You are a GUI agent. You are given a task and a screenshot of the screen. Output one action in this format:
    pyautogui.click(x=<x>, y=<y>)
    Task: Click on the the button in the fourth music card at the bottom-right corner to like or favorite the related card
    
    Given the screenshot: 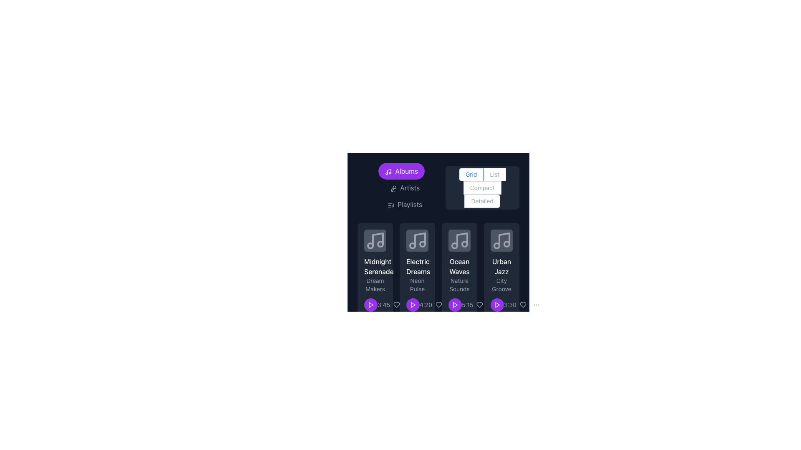 What is the action you would take?
    pyautogui.click(x=480, y=305)
    